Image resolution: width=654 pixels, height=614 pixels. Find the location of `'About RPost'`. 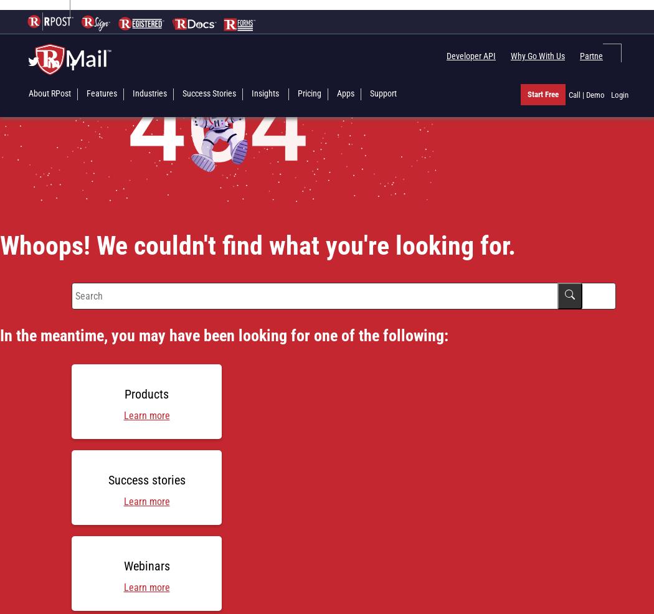

'About RPost' is located at coordinates (50, 93).